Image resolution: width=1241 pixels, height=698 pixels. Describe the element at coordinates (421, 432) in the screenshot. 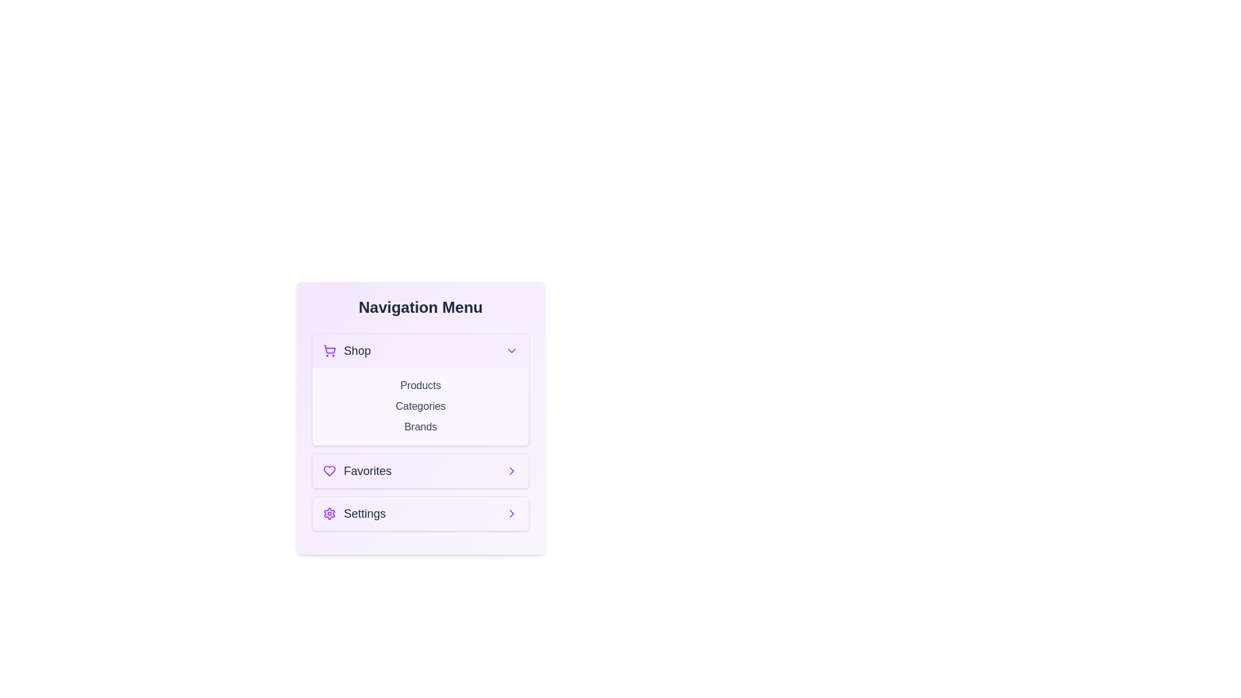

I see `the 'Brands' text label, which is the third item in the 'Shop' dropdown menu` at that location.